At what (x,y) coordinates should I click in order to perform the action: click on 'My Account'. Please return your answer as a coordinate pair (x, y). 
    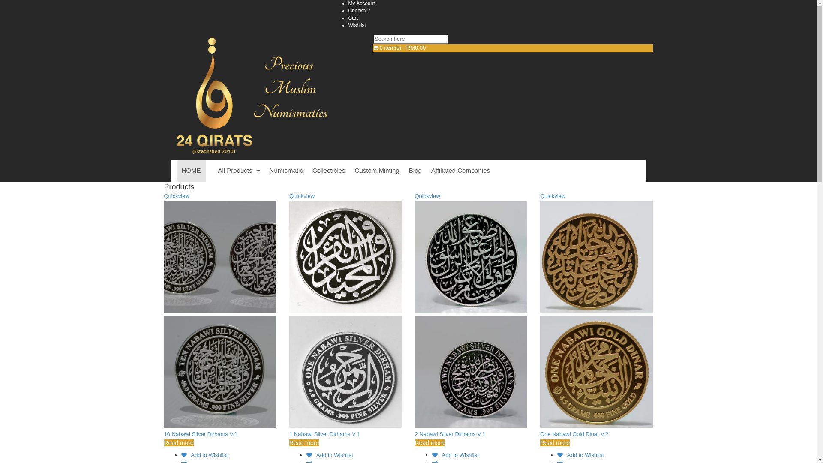
    Looking at the image, I should click on (361, 3).